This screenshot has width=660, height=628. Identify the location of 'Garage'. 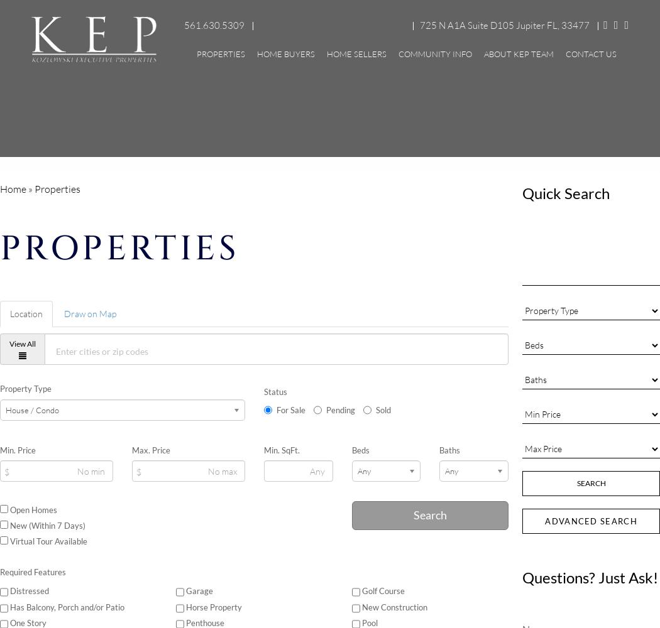
(198, 590).